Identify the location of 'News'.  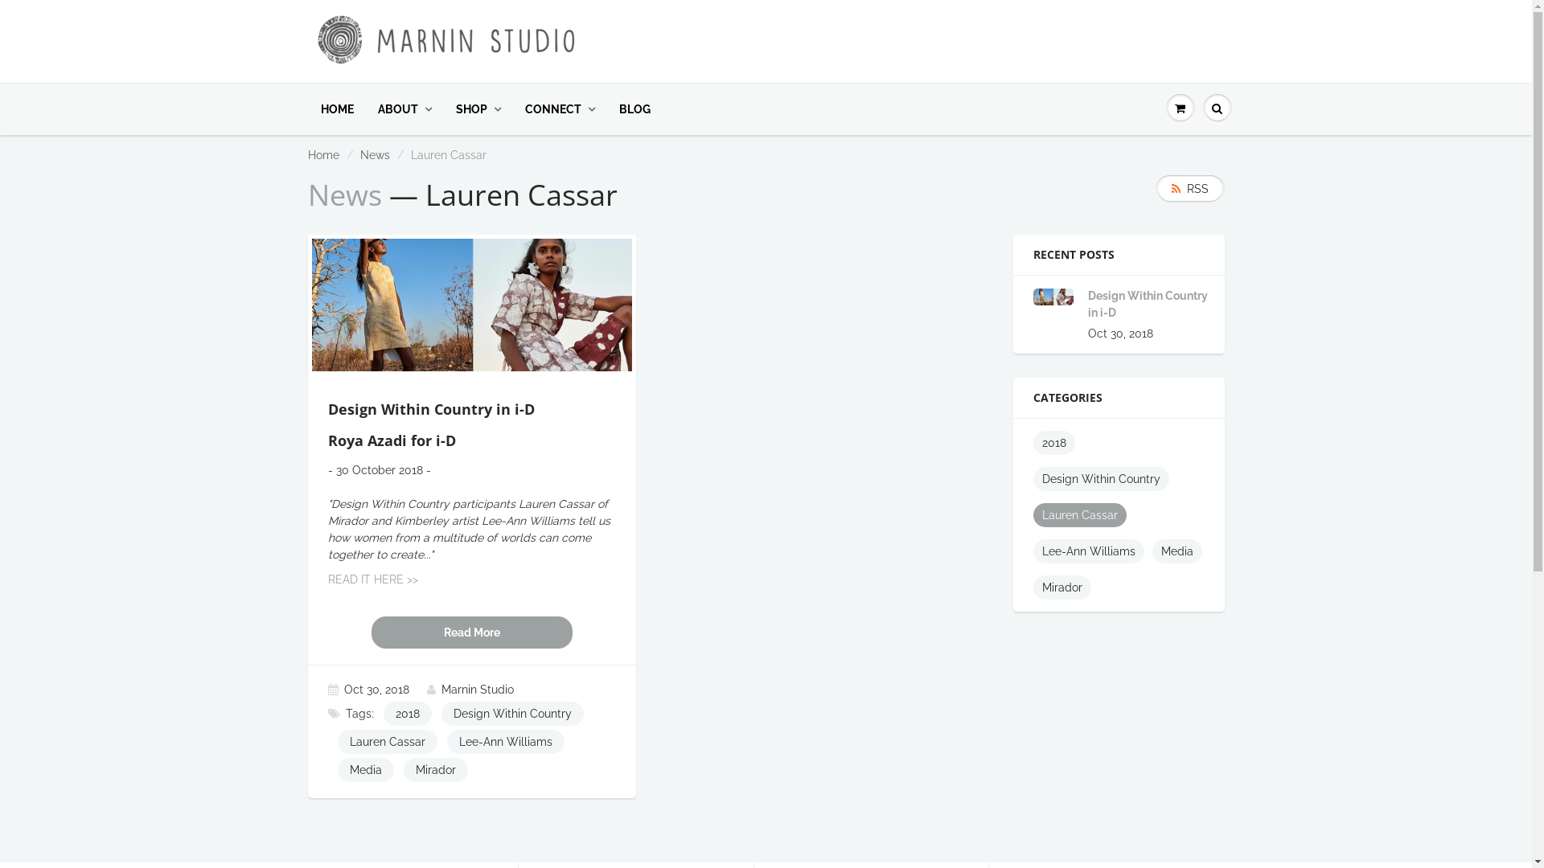
(343, 194).